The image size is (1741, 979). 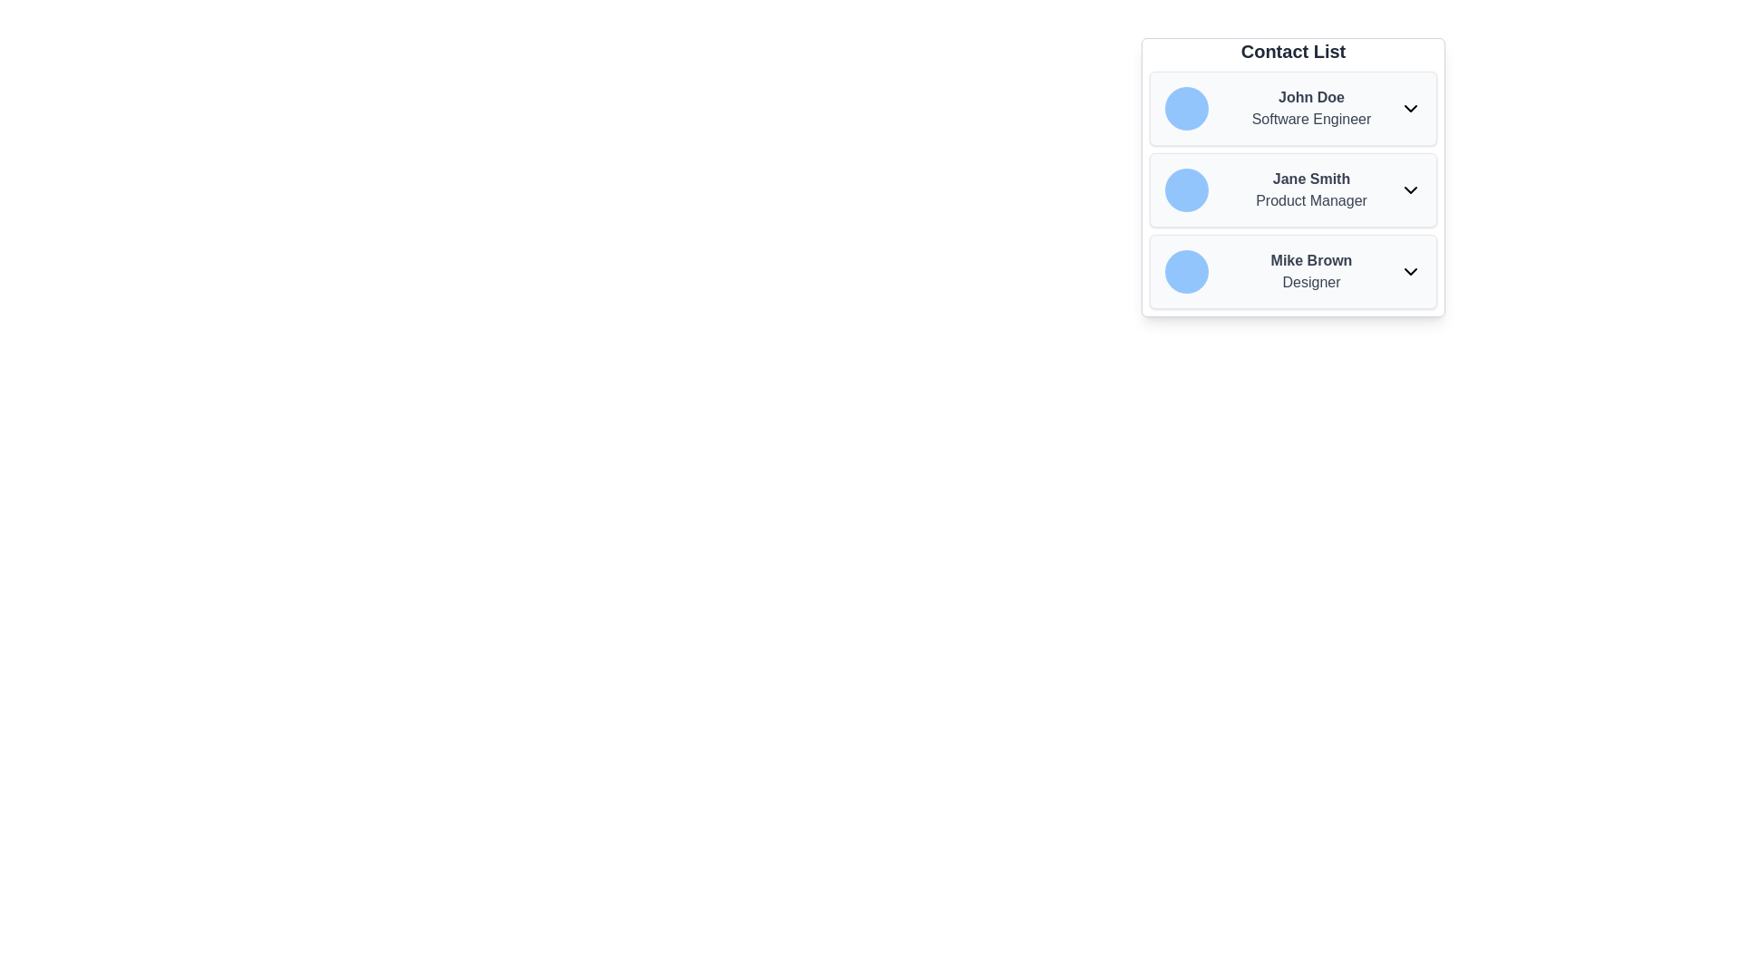 I want to click on text 'Software Engineer', which is positioned below the bold text 'John Doe' in the 'Contact List' section, so click(x=1311, y=119).